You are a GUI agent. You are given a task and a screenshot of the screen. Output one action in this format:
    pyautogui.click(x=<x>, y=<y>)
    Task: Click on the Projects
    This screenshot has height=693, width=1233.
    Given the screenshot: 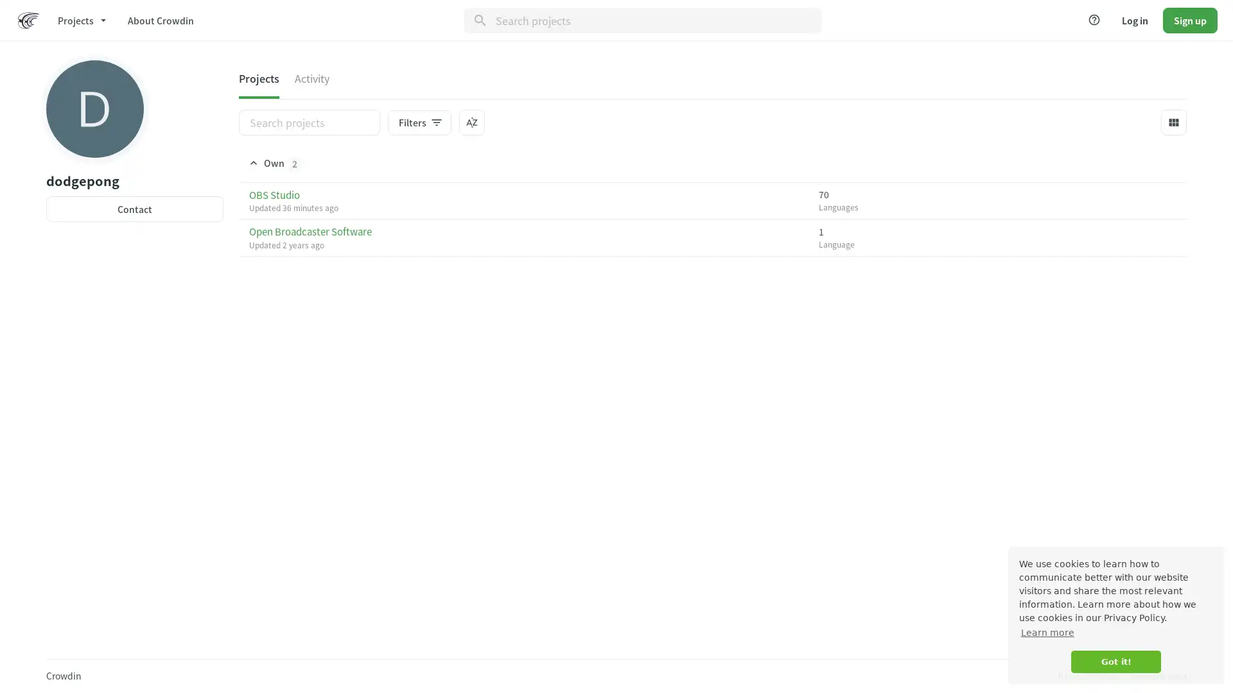 What is the action you would take?
    pyautogui.click(x=80, y=19)
    